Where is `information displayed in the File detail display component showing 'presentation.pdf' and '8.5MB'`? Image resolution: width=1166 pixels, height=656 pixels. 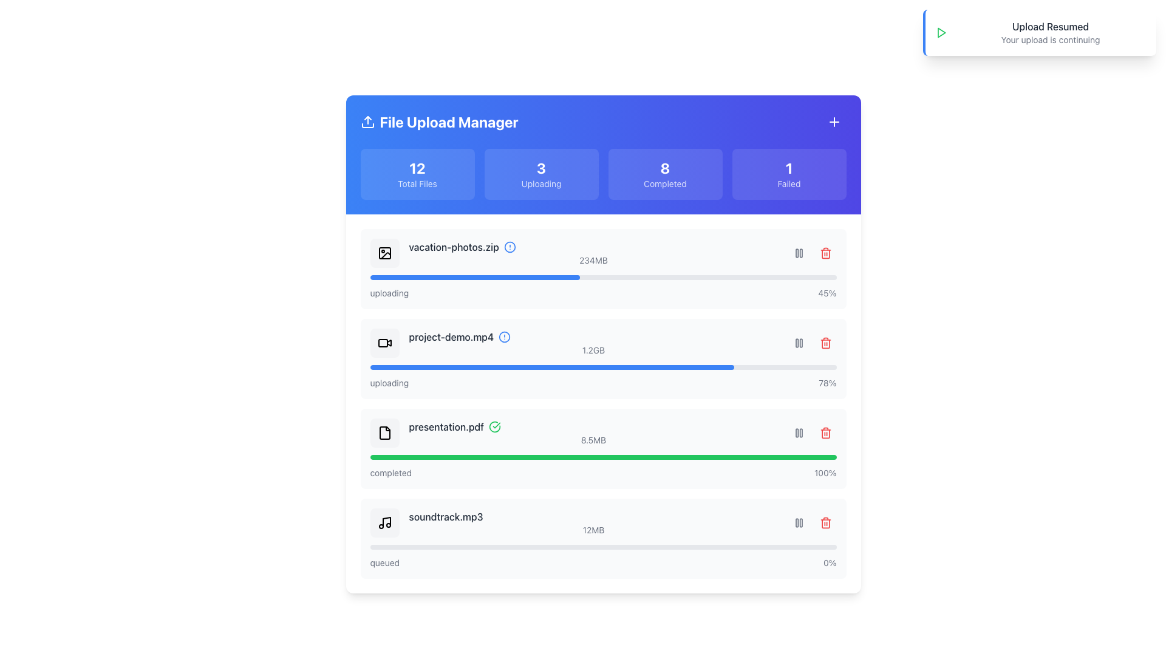 information displayed in the File detail display component showing 'presentation.pdf' and '8.5MB' is located at coordinates (593, 432).